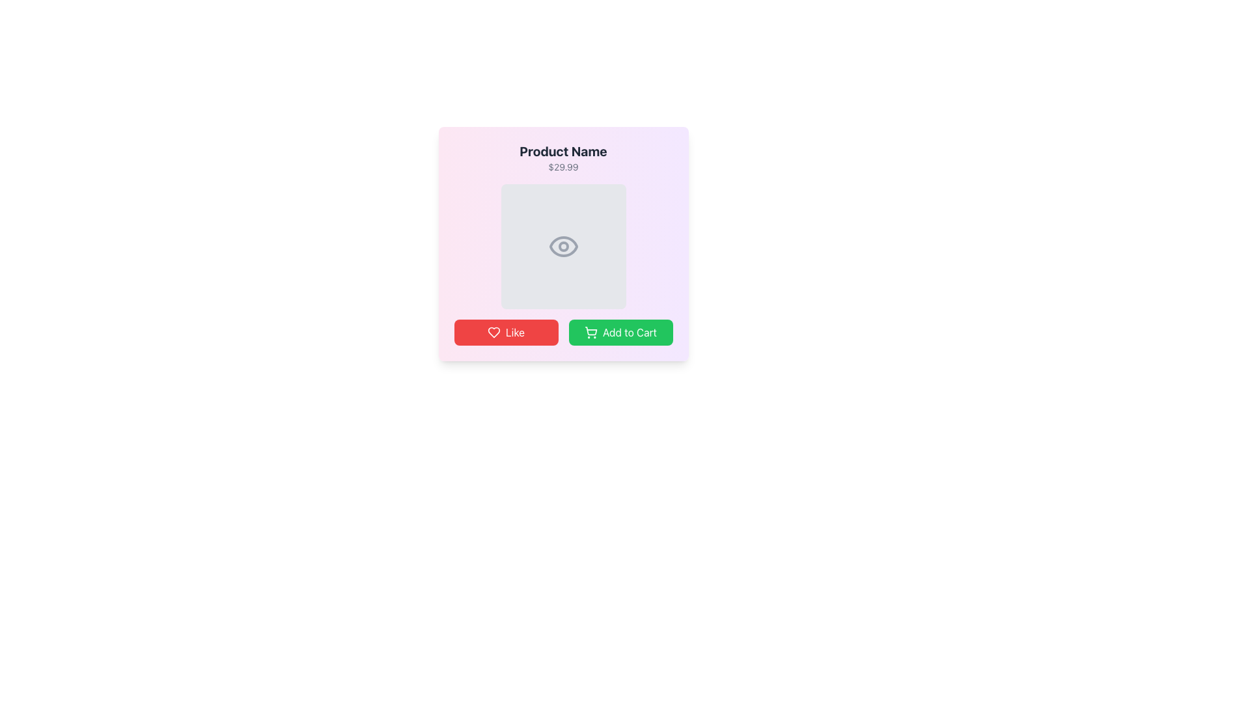  I want to click on the product preview icon located at the center of the card displaying 'Product Name' and '$29.99', so click(563, 246).